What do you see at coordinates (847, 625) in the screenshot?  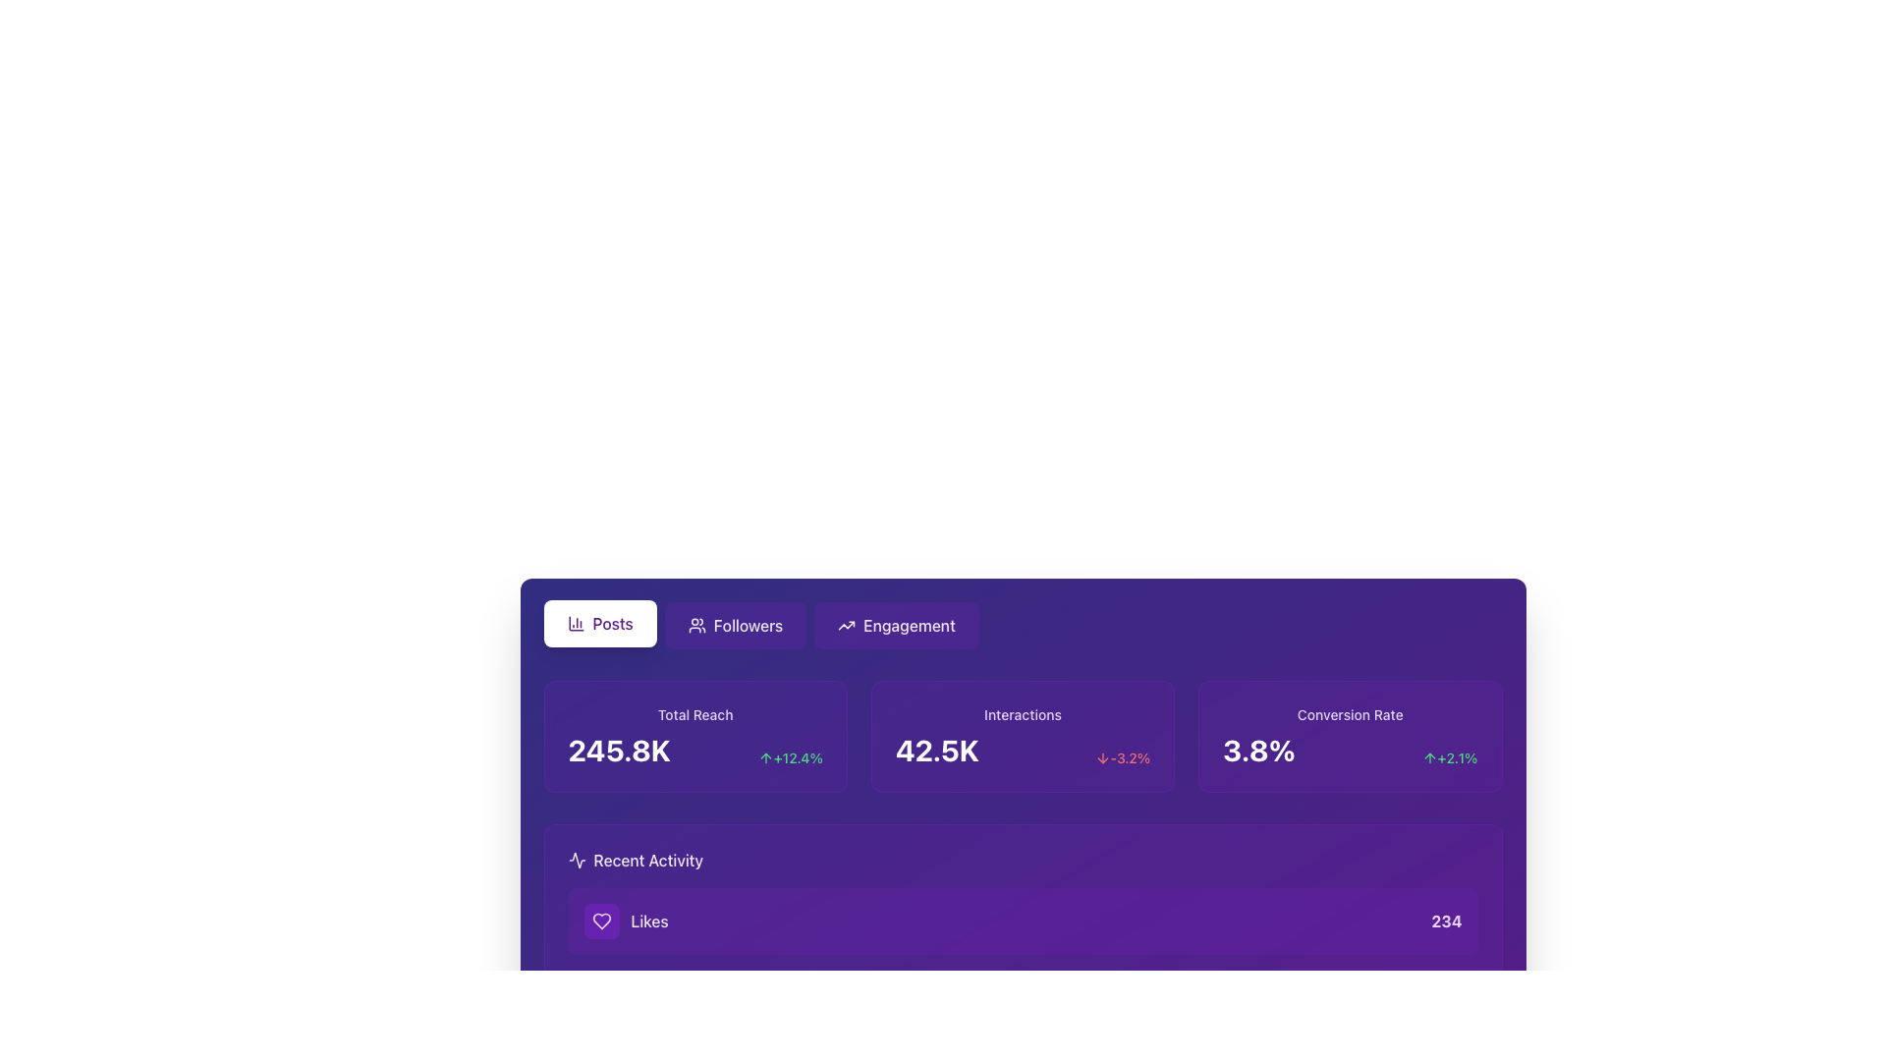 I see `the Engagement icon located at the top-right corner of the Engagement button, which is positioned to the left of the text 'Engagement' within the button group` at bounding box center [847, 625].